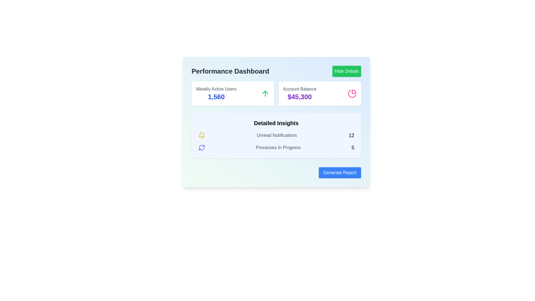  Describe the element at coordinates (351, 135) in the screenshot. I see `the unread notifications count label located in the 'Detailed Insights' section, positioned to the right of 'Unread Notifications'` at that location.